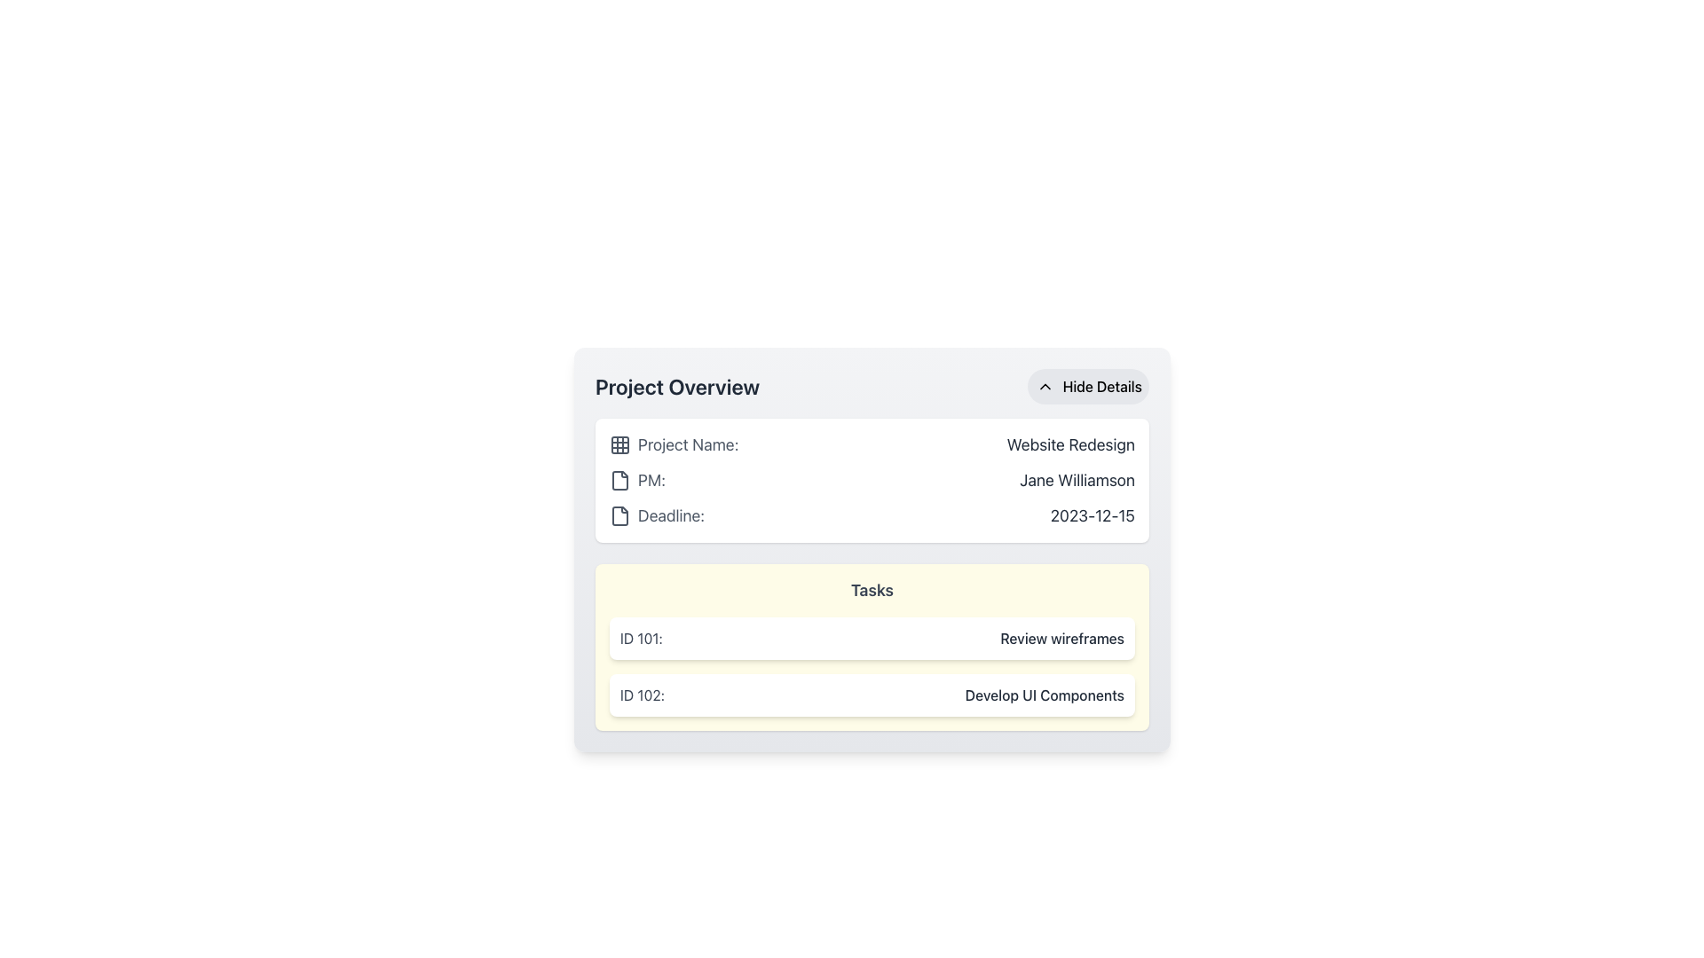 This screenshot has width=1704, height=958. Describe the element at coordinates (1069, 444) in the screenshot. I see `the text label displaying 'Website Redesign' located in the top right corner of the 'Project Name' section` at that location.